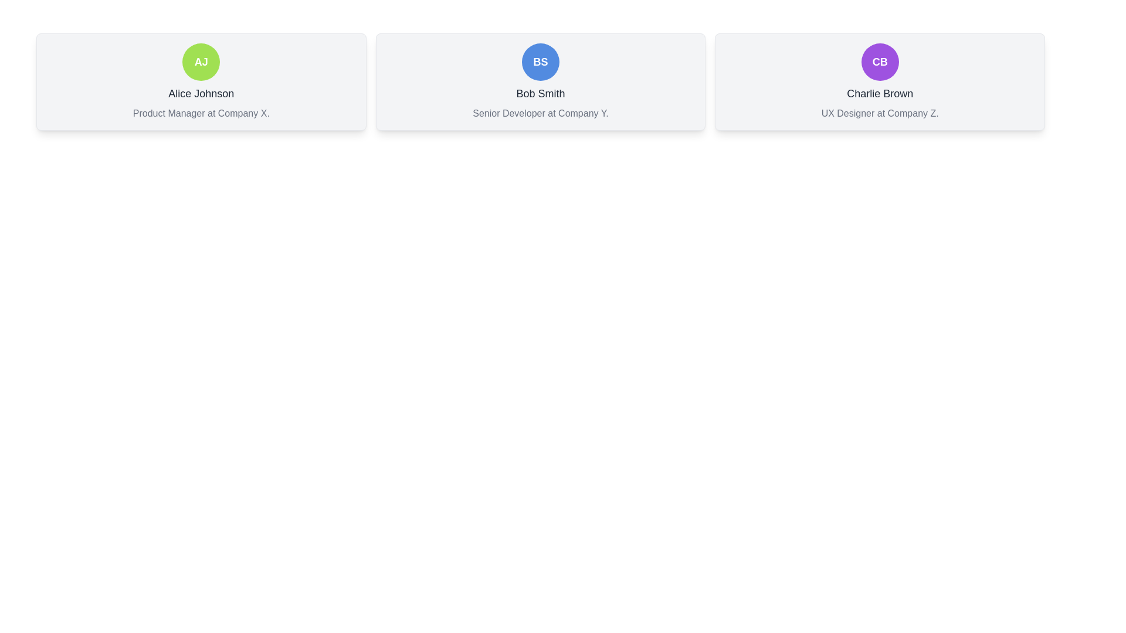 This screenshot has width=1126, height=633. What do you see at coordinates (201, 113) in the screenshot?
I see `the static text element that provides the professional designation and company affiliation of Alice Johnson, located below her name in the first card of a vertically stacked structure` at bounding box center [201, 113].